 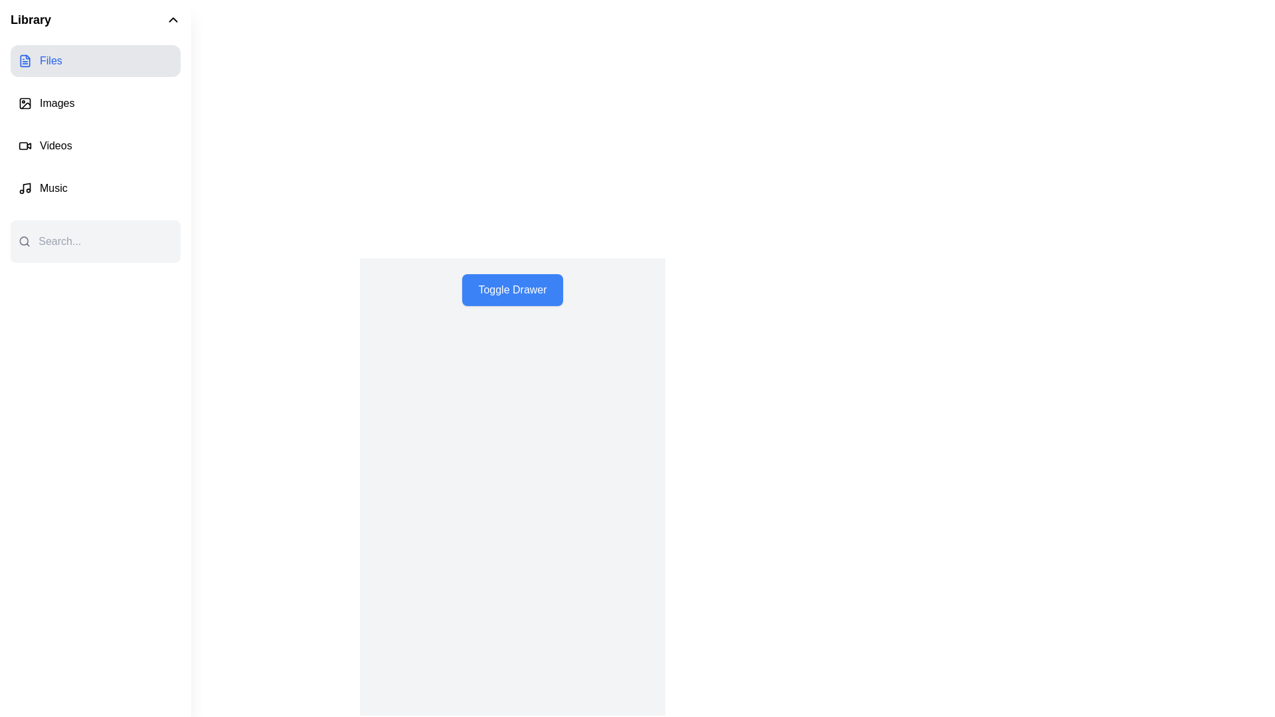 I want to click on the video camera icon located in the vertical menu on the left side of the interface, which is directly adjacent to the 'Videos' label, so click(x=25, y=145).